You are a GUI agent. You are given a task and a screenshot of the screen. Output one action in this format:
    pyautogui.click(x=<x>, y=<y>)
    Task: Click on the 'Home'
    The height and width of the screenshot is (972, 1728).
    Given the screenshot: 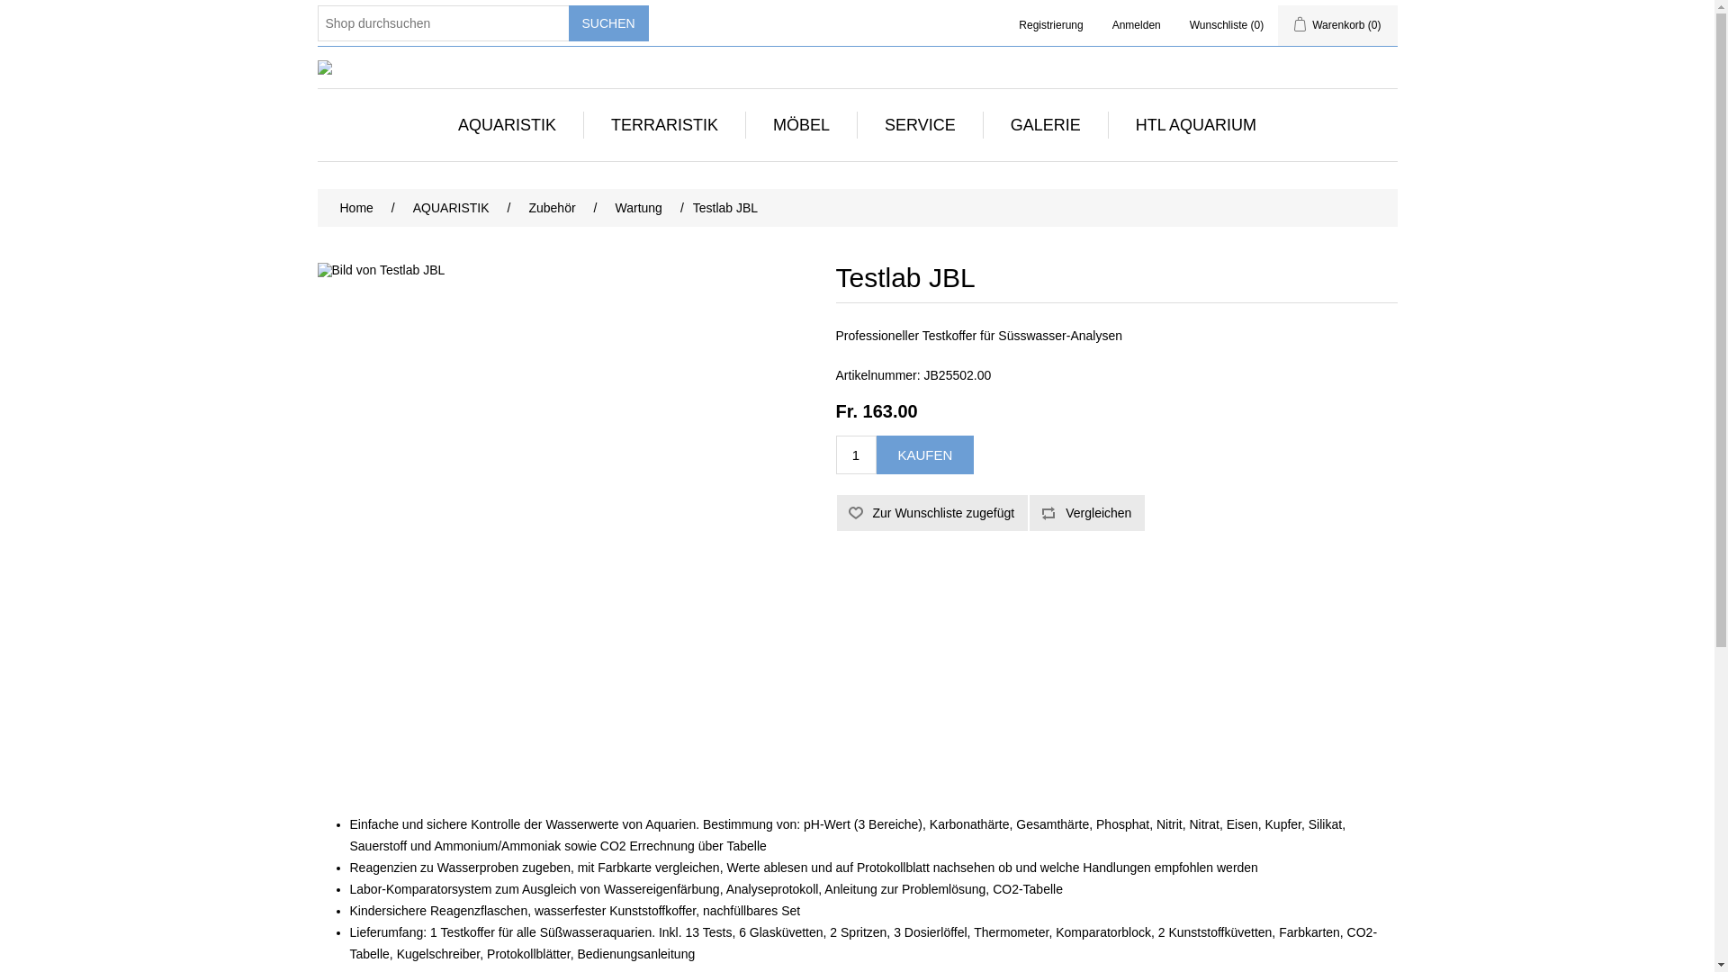 What is the action you would take?
    pyautogui.click(x=335, y=207)
    